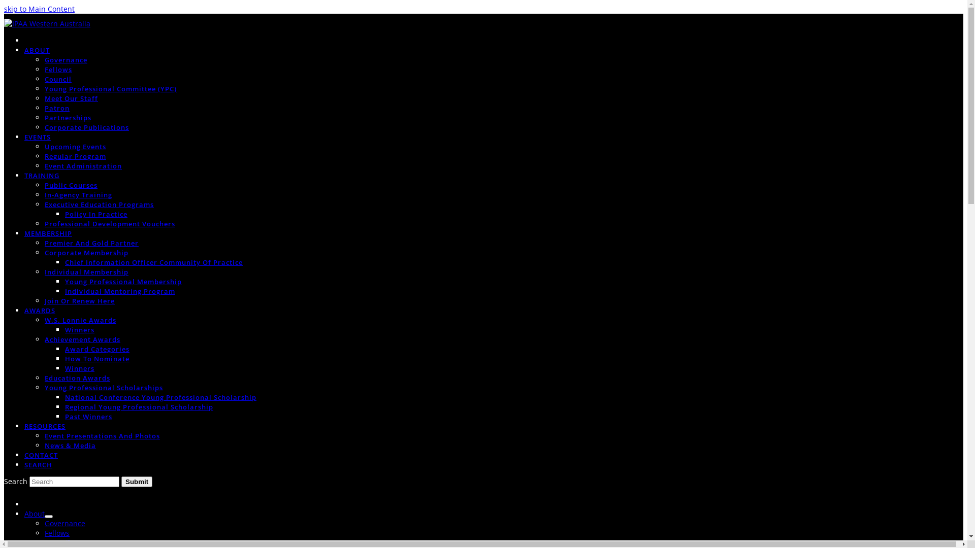  Describe the element at coordinates (104, 387) in the screenshot. I see `'Young Professional Scholarships'` at that location.